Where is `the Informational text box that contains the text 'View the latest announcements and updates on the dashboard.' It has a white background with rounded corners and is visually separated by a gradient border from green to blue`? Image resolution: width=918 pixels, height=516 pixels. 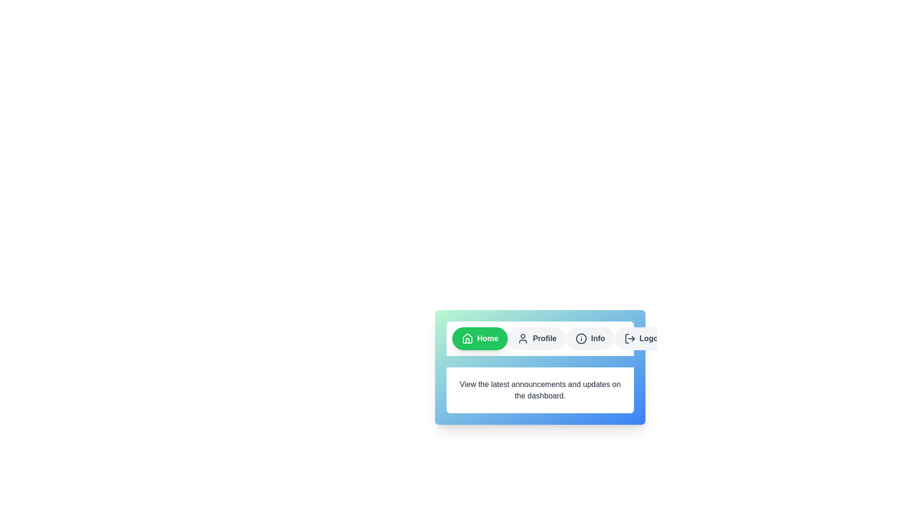 the Informational text box that contains the text 'View the latest announcements and updates on the dashboard.' It has a white background with rounded corners and is visually separated by a gradient border from green to blue is located at coordinates (540, 363).